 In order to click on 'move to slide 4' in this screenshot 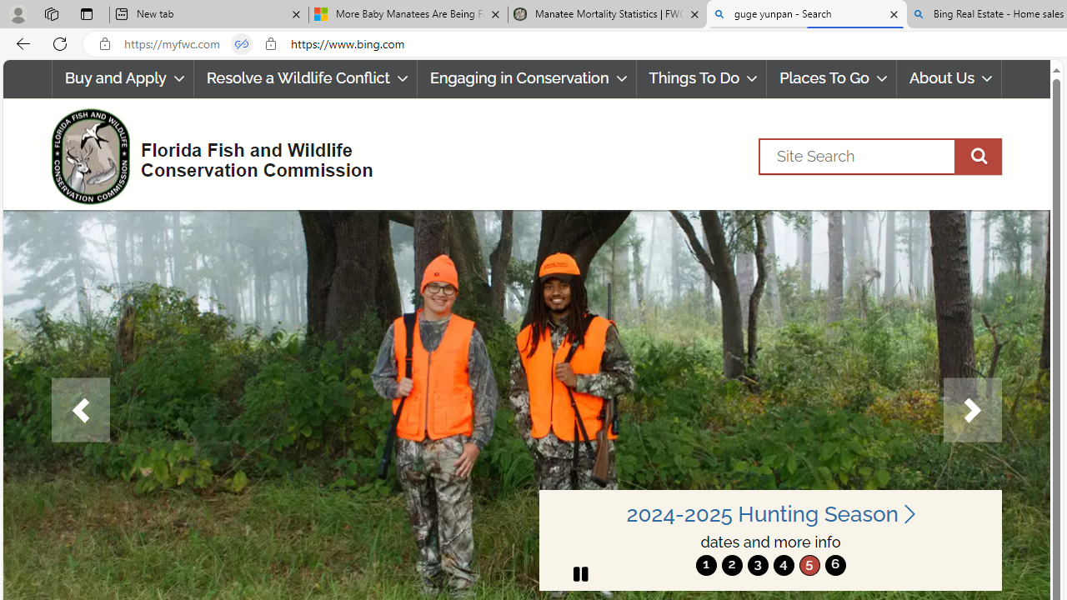, I will do `click(783, 564)`.